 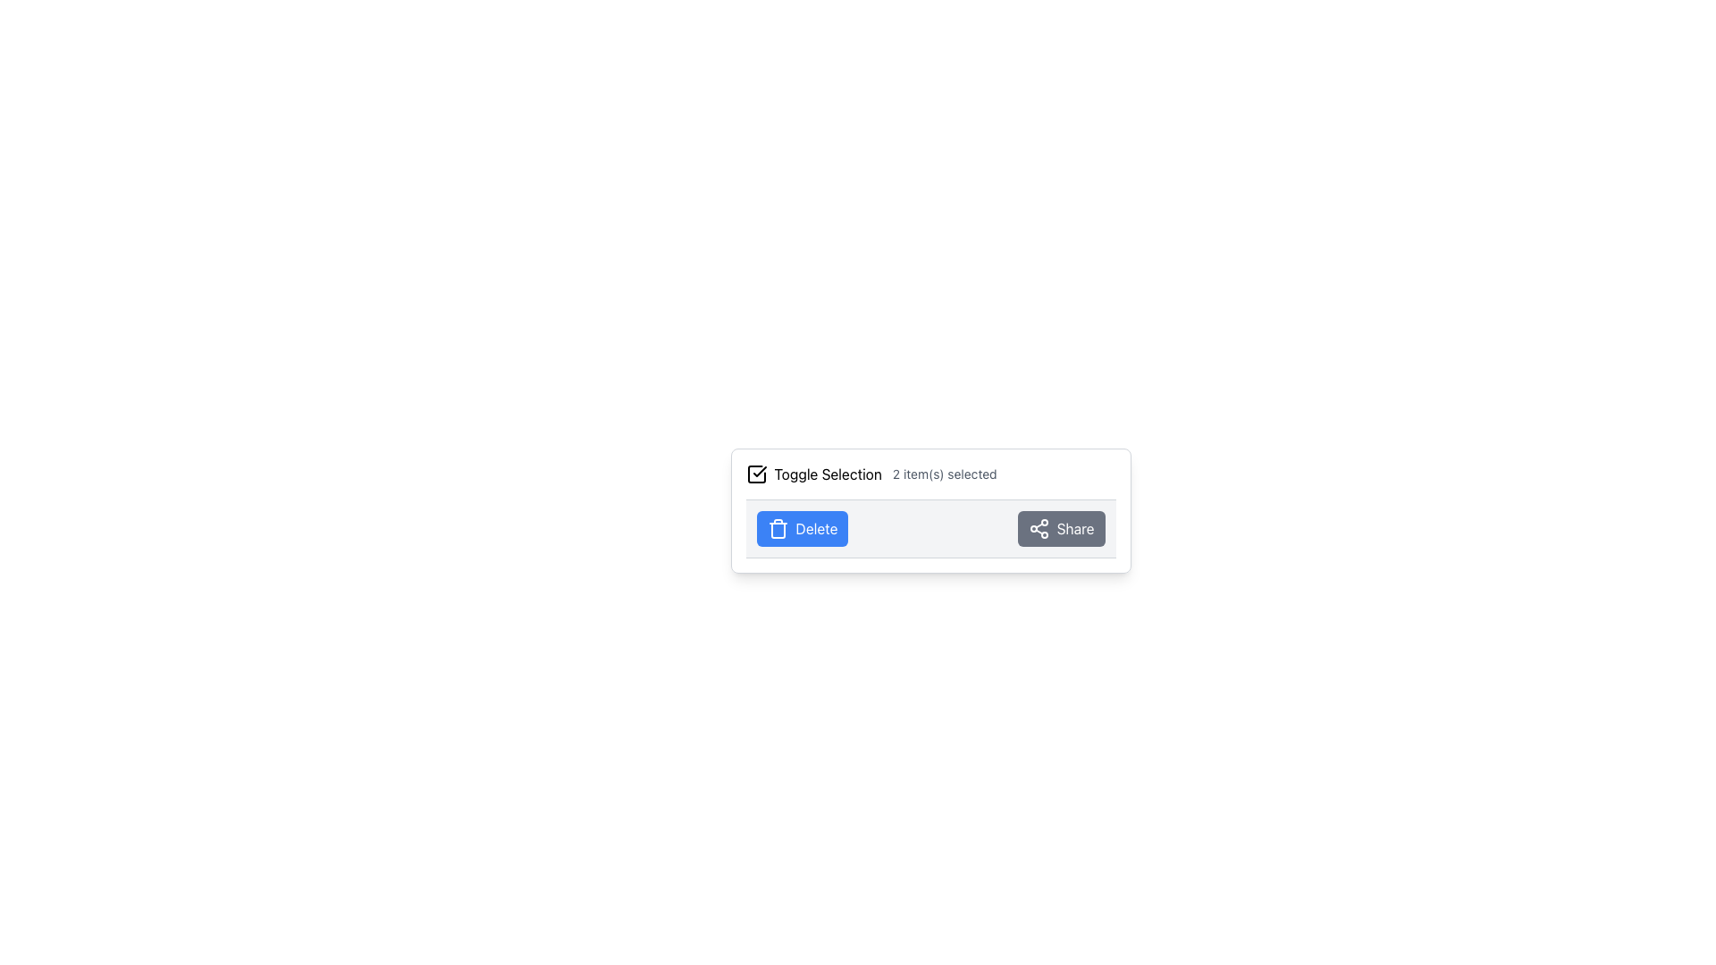 I want to click on the selection icon with a checkmark, which is styled with a thin black stroke and appears next to the text 'Toggle Selection', to trigger tooltip or visual feedback, so click(x=756, y=474).